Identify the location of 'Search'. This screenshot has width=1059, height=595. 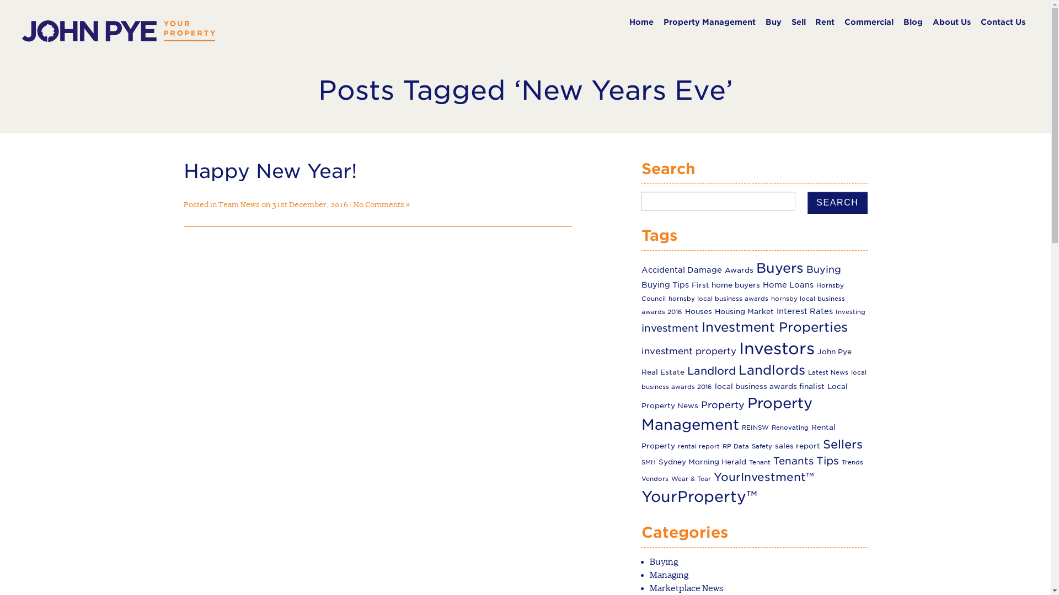
(837, 202).